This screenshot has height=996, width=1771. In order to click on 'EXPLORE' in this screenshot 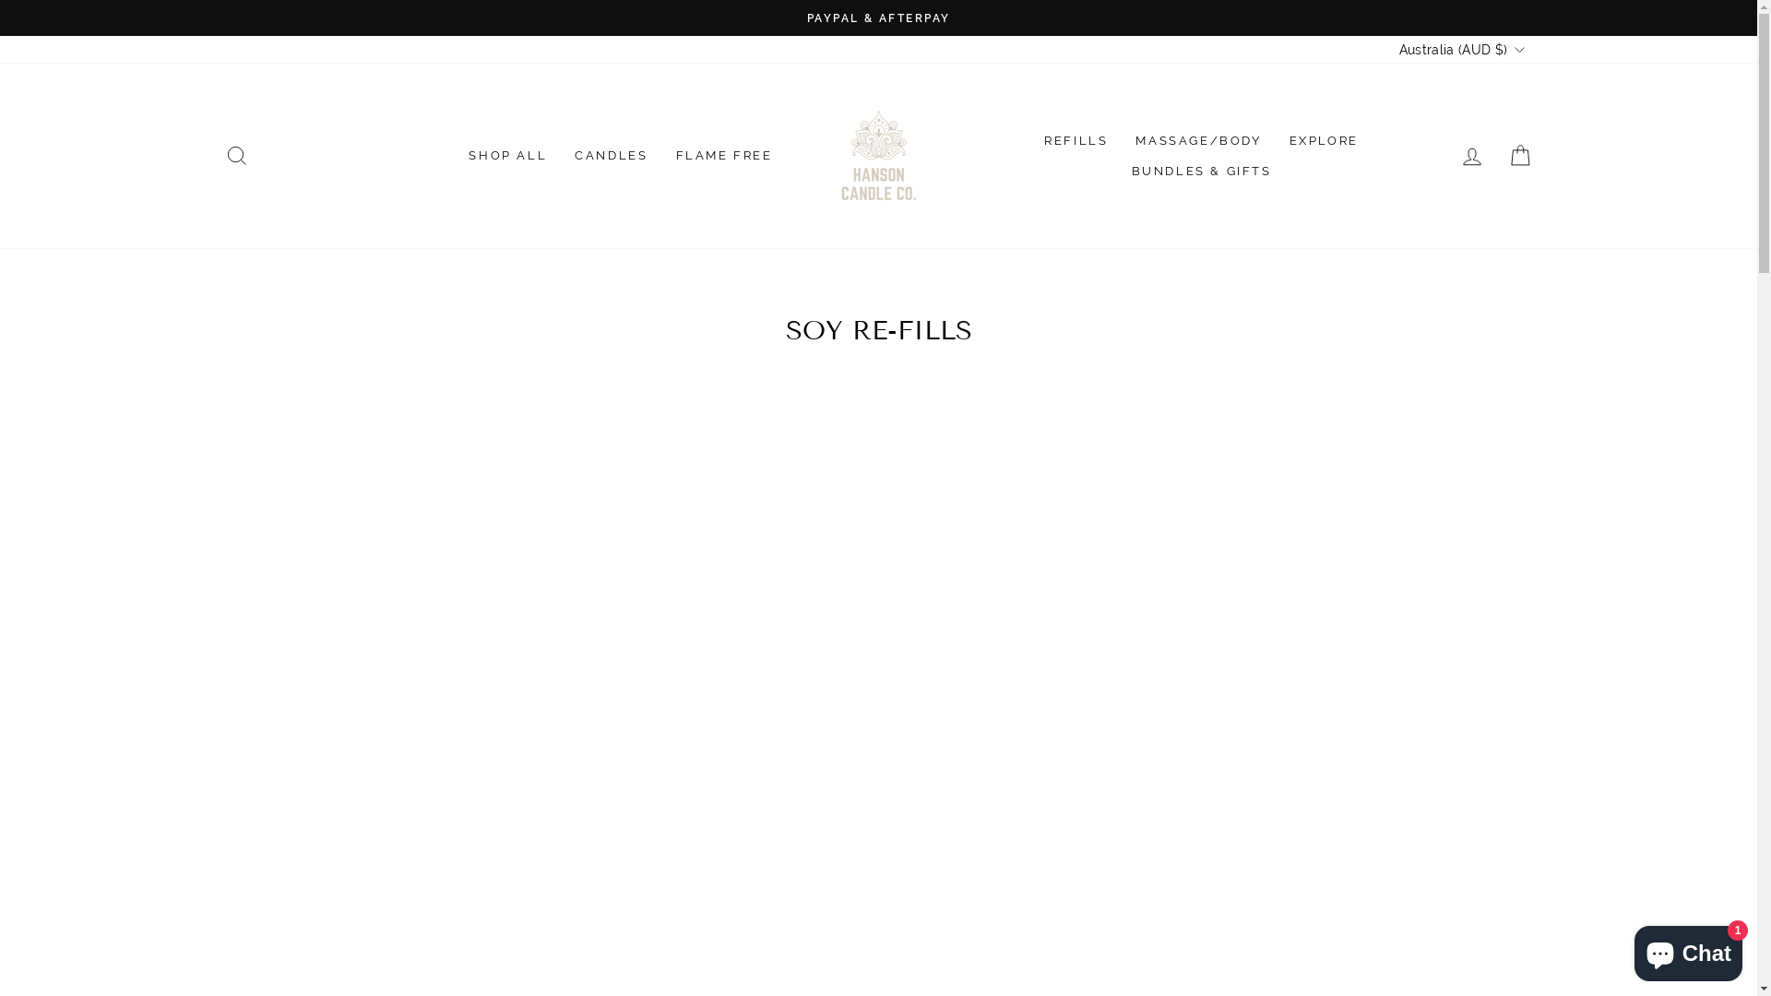, I will do `click(1323, 139)`.